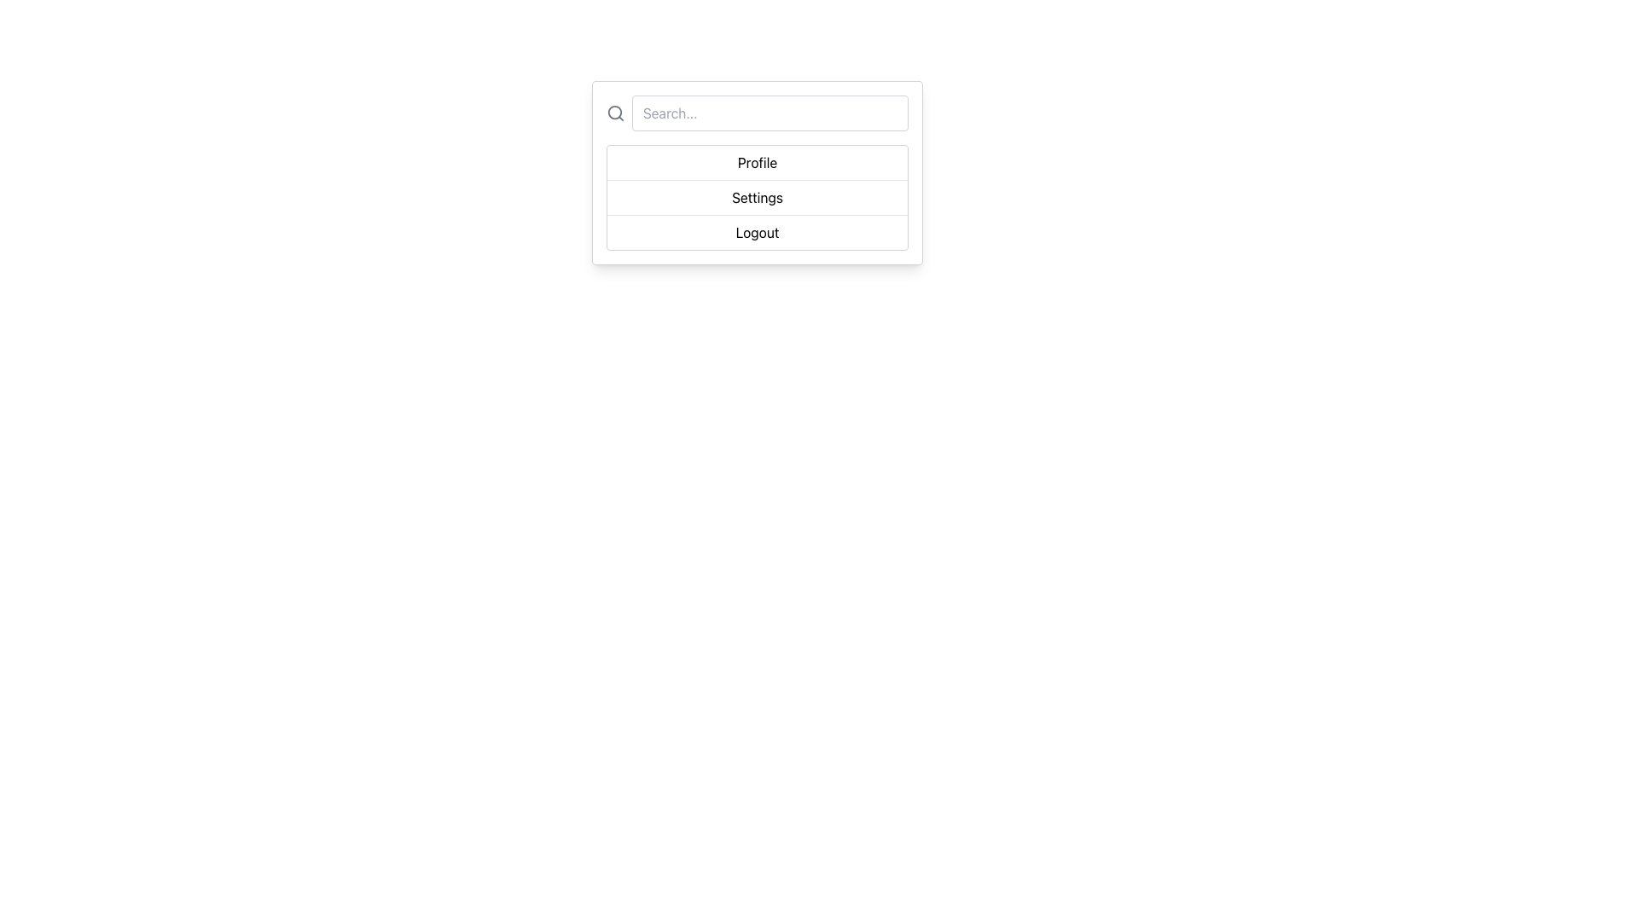  Describe the element at coordinates (757, 232) in the screenshot. I see `the third menu option for logging out, which is located at the bottom of the options list beneath 'Settings'` at that location.